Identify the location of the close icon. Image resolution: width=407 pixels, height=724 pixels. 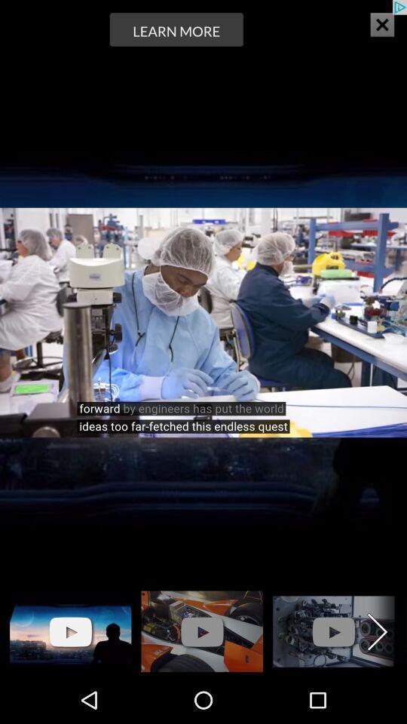
(382, 26).